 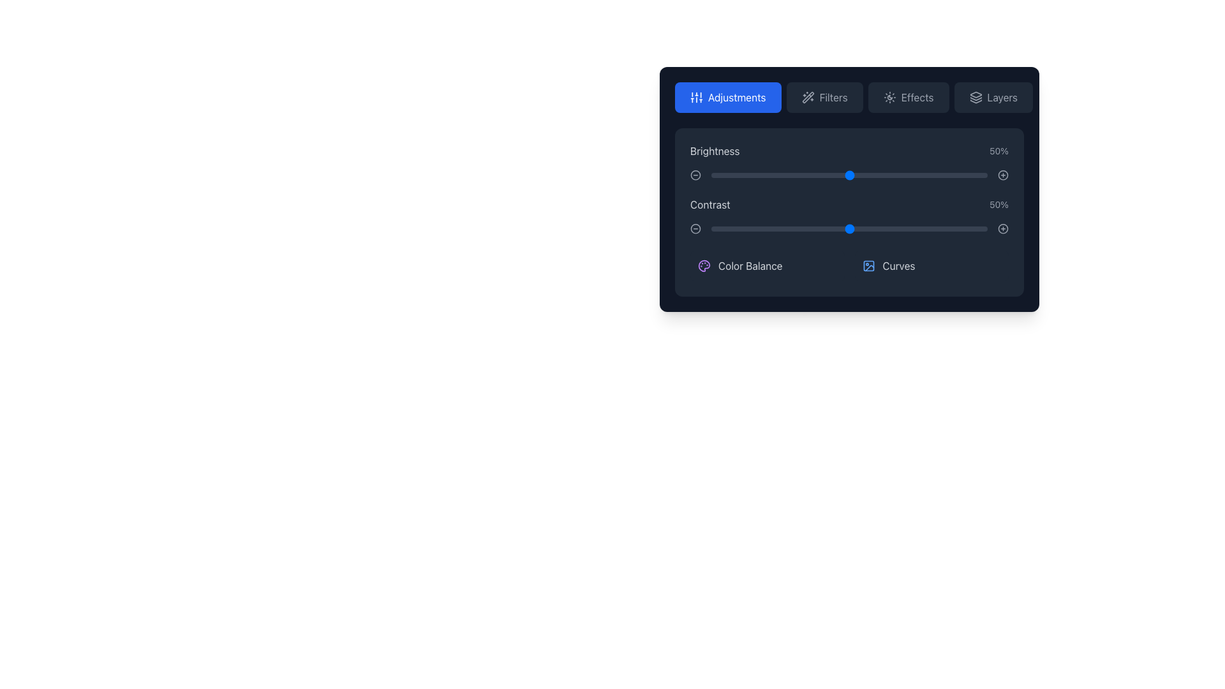 I want to click on the gray circle outline icon next to the 'Contrast' label, so click(x=695, y=228).